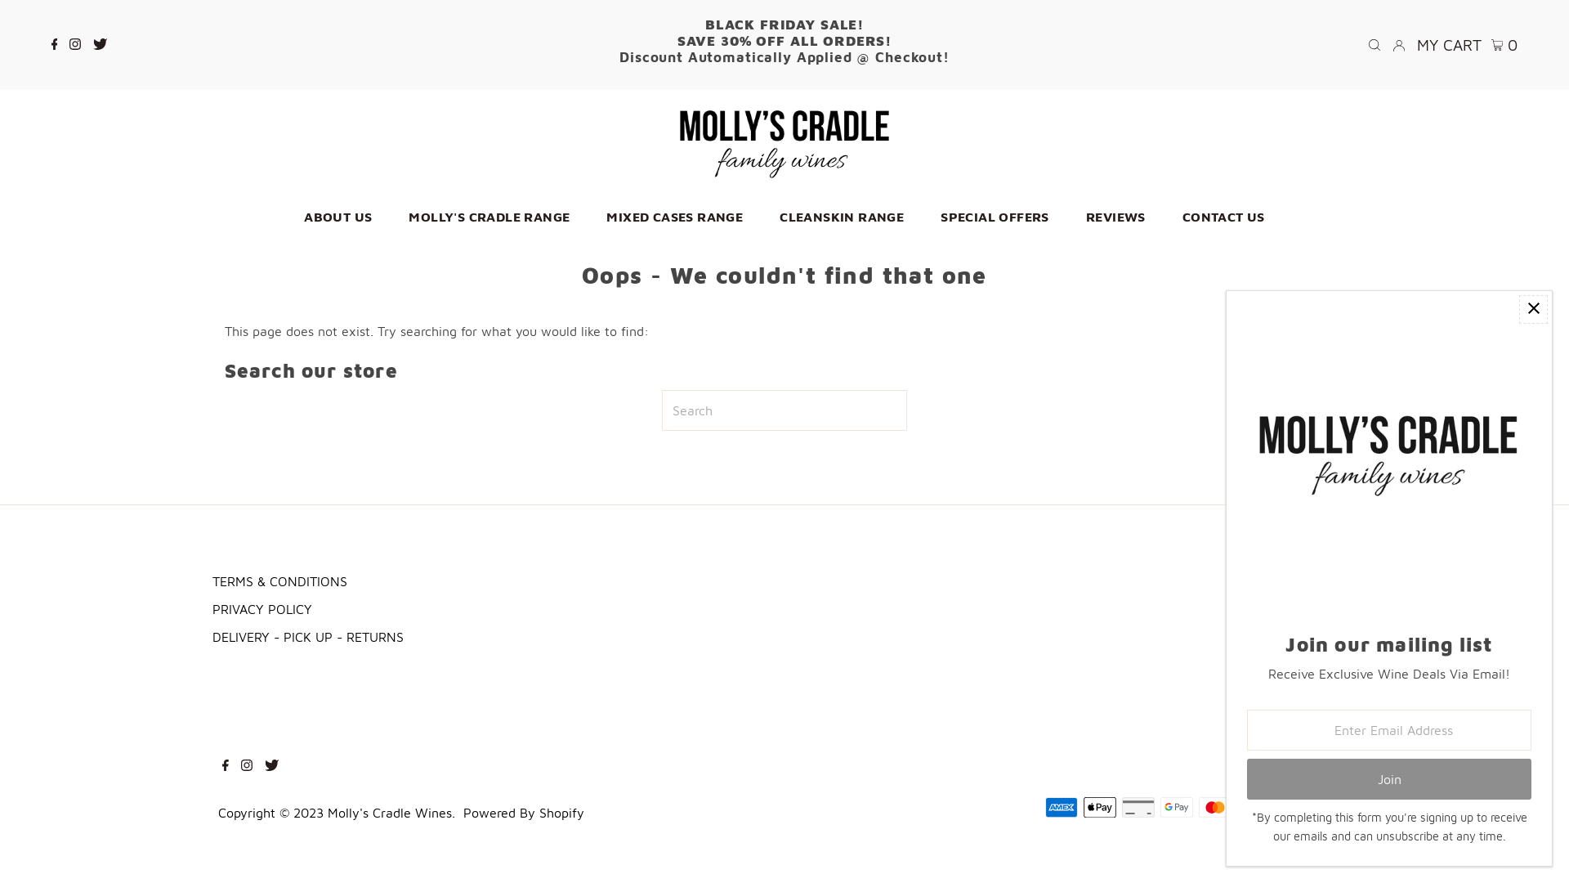 This screenshot has width=1569, height=883. I want to click on 'CLEANSKIN RANGE', so click(842, 216).